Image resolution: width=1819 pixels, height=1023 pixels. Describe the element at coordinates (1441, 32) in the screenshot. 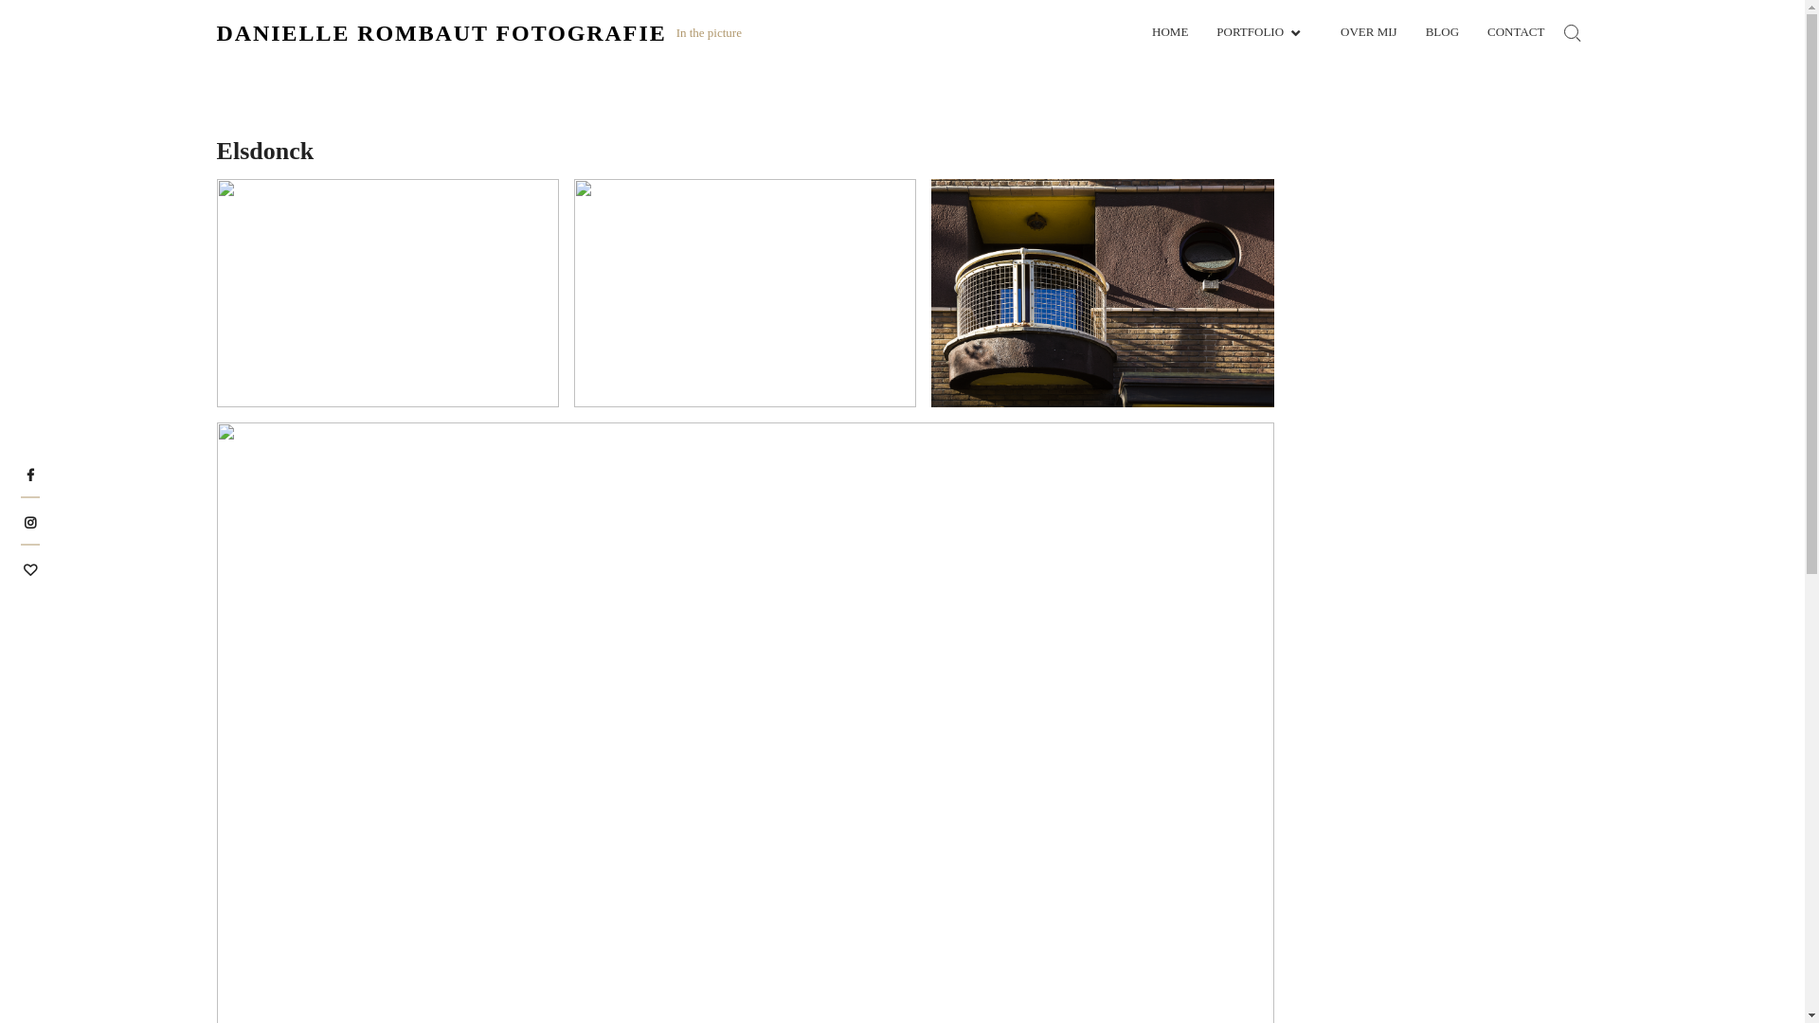

I see `'BLOG'` at that location.